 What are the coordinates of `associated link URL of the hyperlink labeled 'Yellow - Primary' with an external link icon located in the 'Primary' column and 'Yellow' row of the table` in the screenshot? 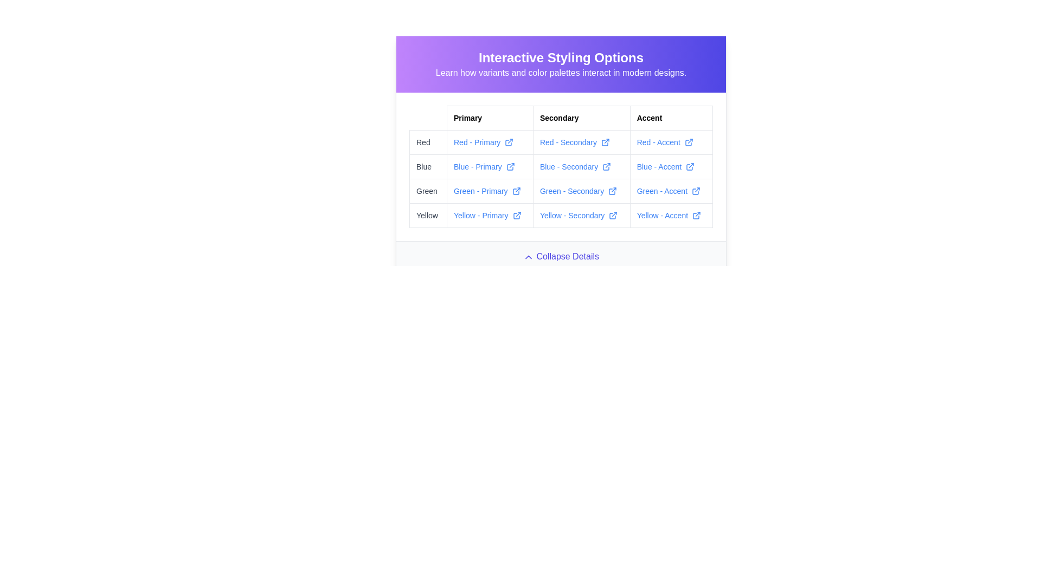 It's located at (489, 215).